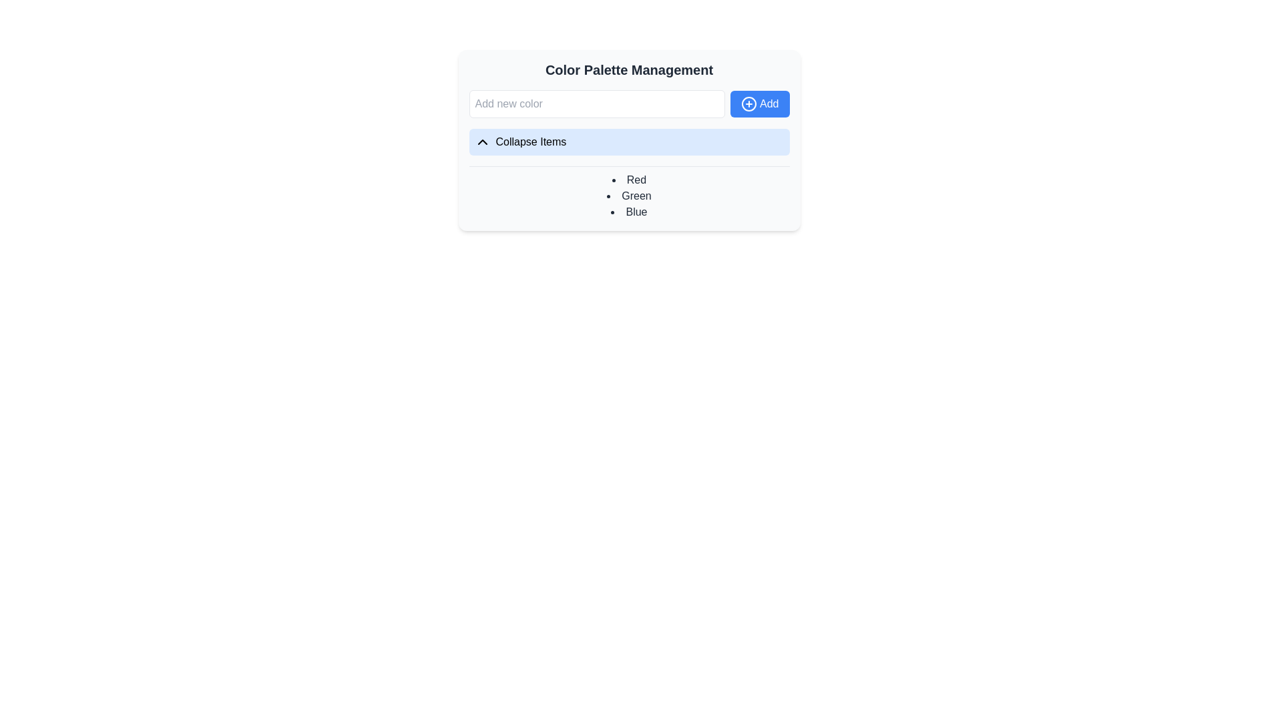 This screenshot has width=1282, height=721. Describe the element at coordinates (760, 103) in the screenshot. I see `the 'Add' button located to the right of the 'Add new color' text input field` at that location.